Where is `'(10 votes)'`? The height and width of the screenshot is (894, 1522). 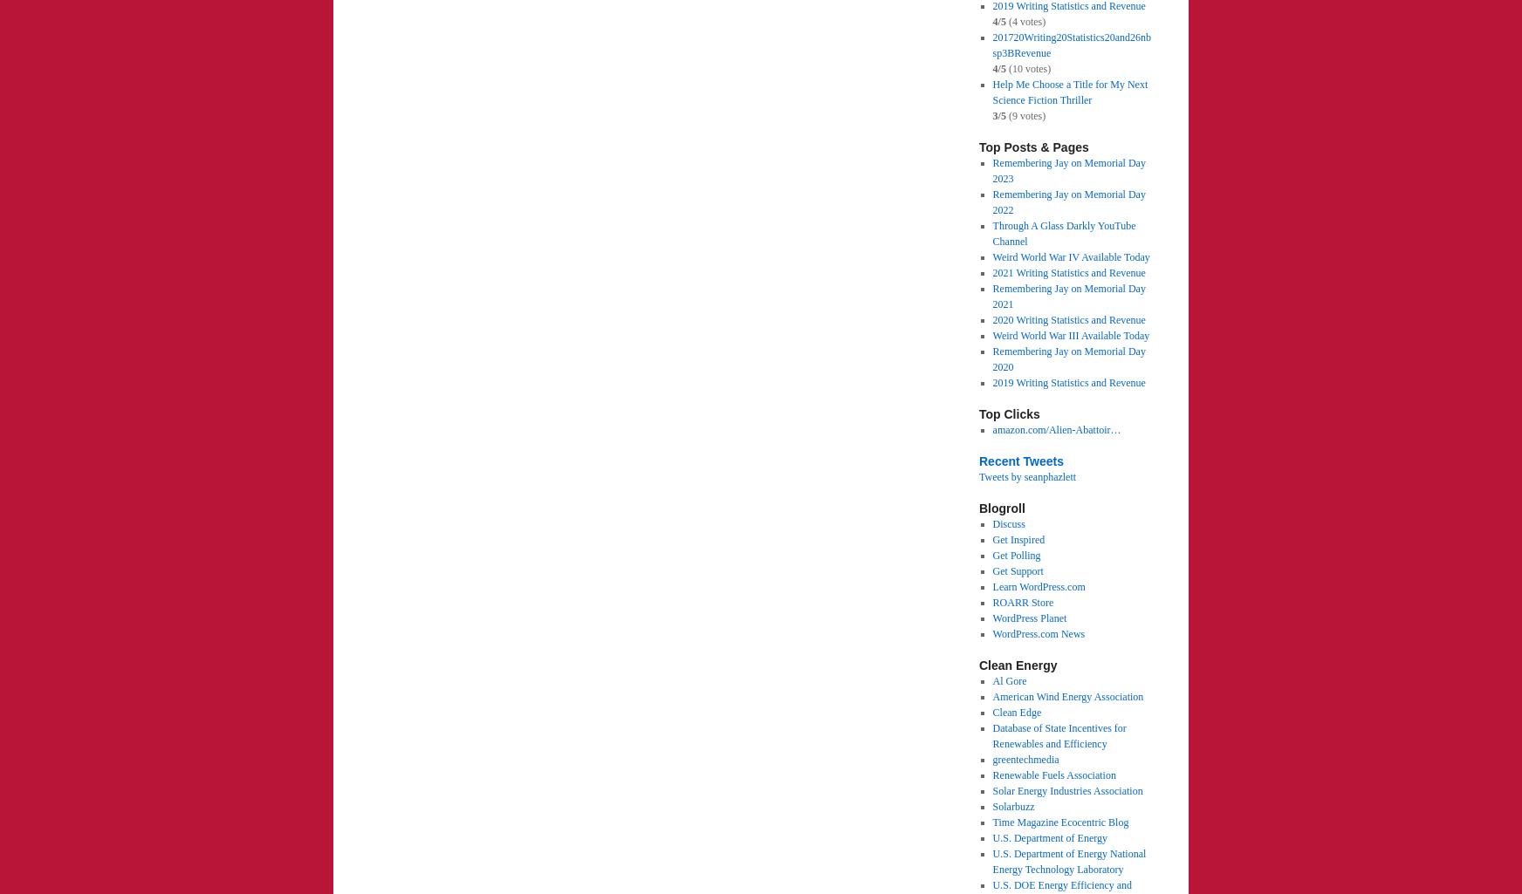 '(10 votes)' is located at coordinates (1027, 68).